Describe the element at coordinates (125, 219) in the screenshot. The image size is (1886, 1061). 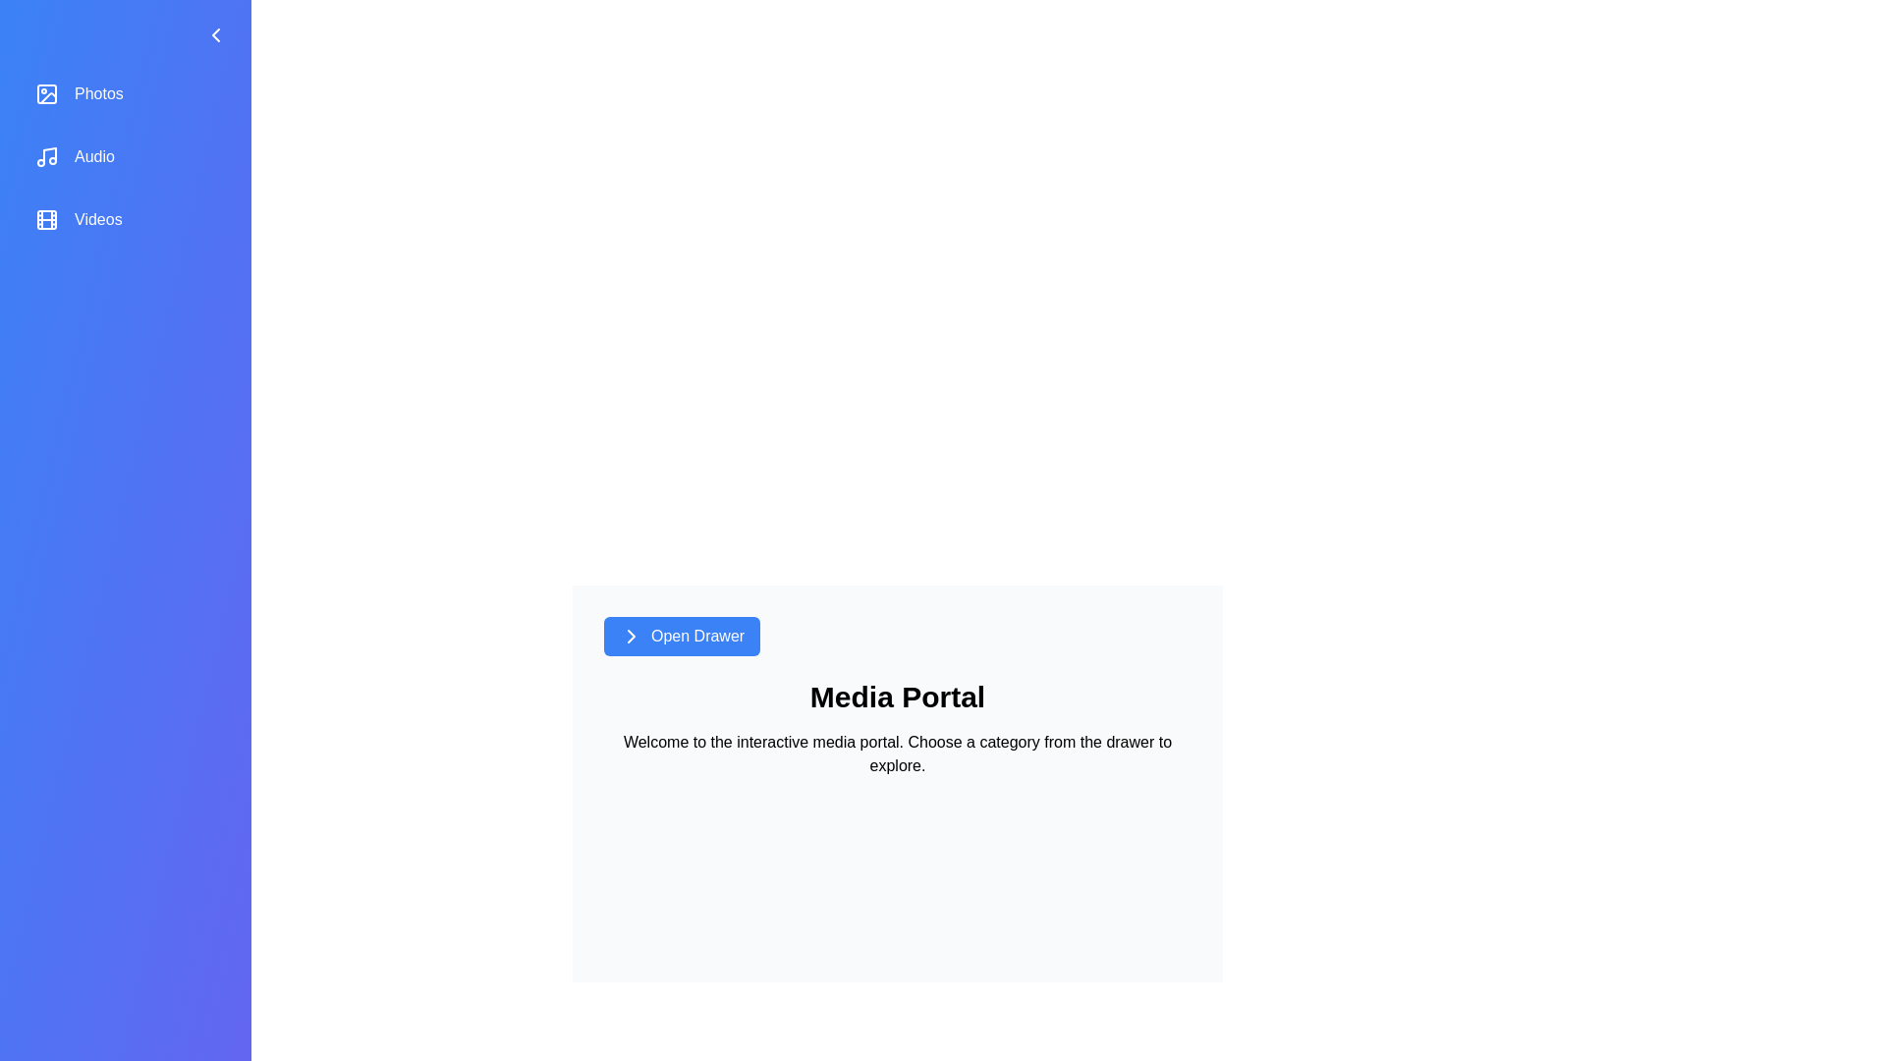
I see `the category Videos from the drawer` at that location.